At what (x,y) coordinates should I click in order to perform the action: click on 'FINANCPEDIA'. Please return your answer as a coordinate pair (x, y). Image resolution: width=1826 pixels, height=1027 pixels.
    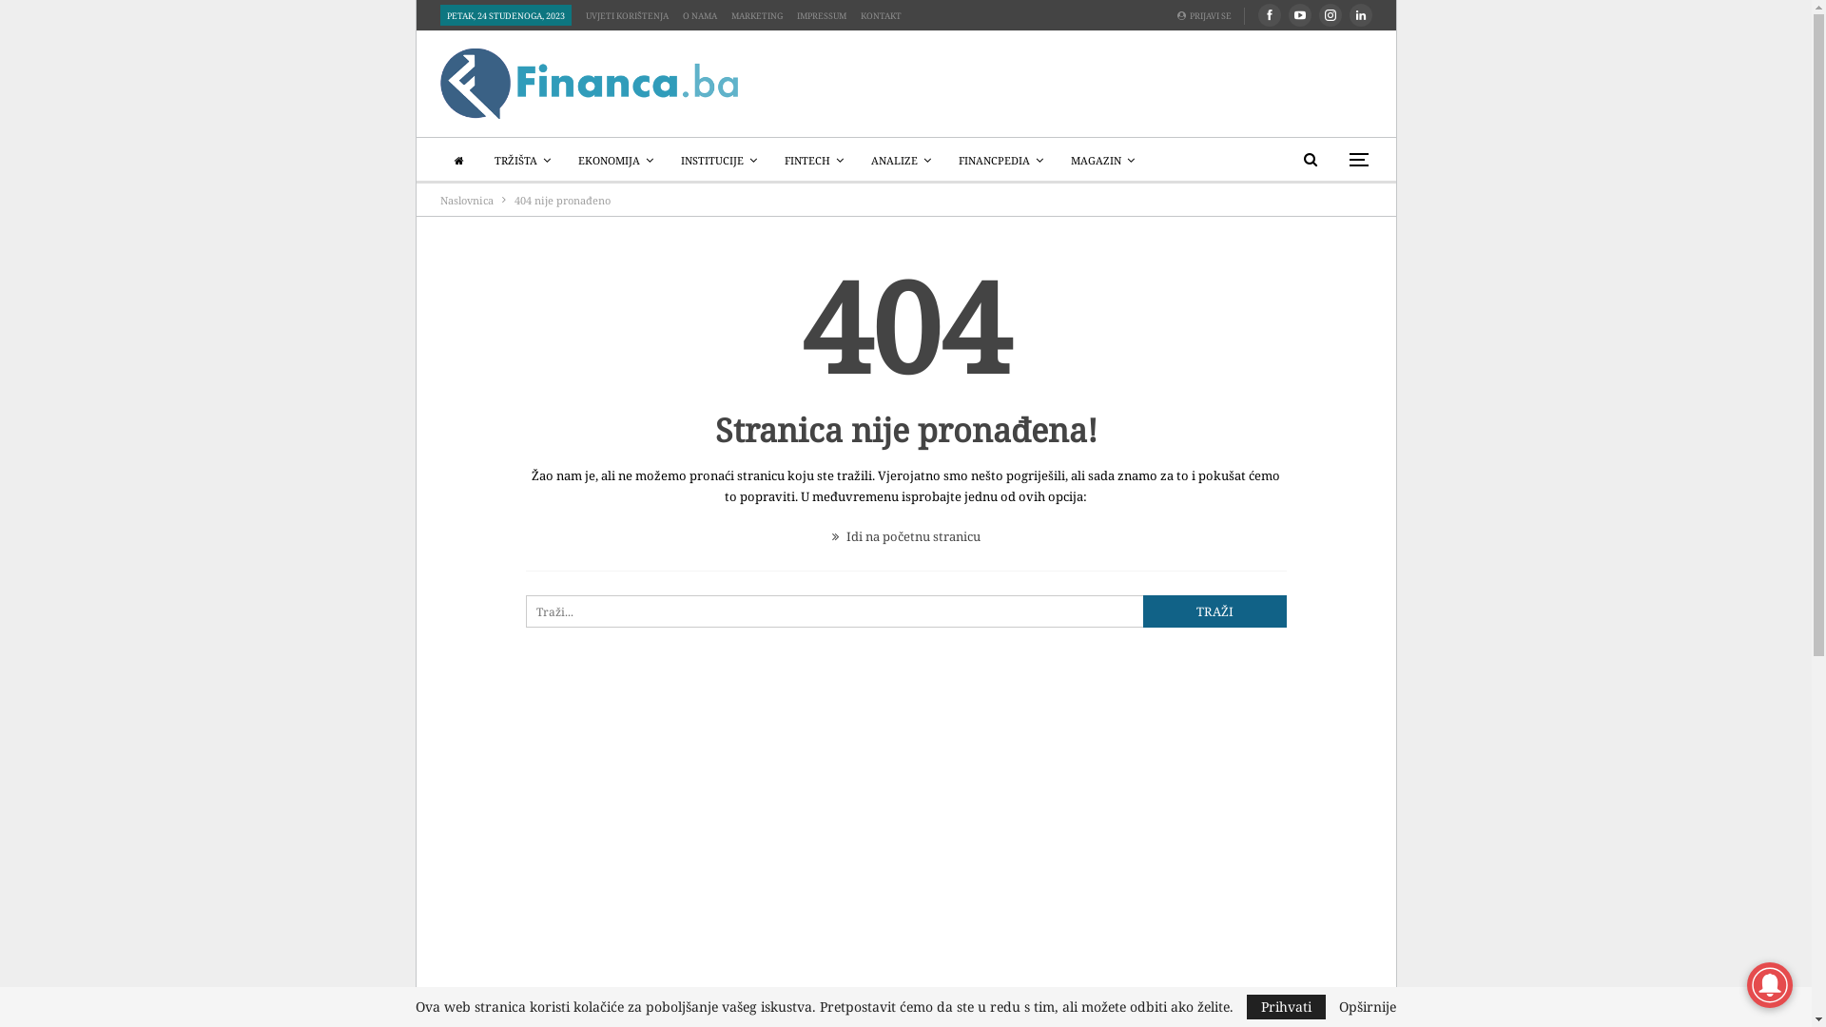
    Looking at the image, I should click on (947, 160).